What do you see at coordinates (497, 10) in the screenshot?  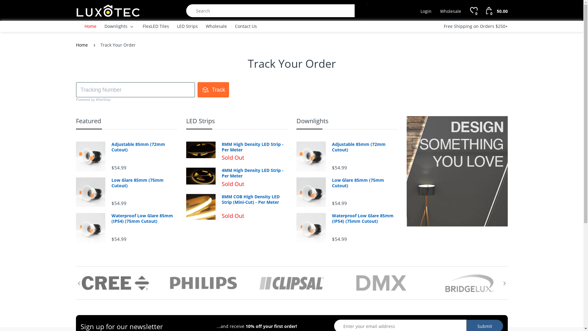 I see `'0` at bounding box center [497, 10].